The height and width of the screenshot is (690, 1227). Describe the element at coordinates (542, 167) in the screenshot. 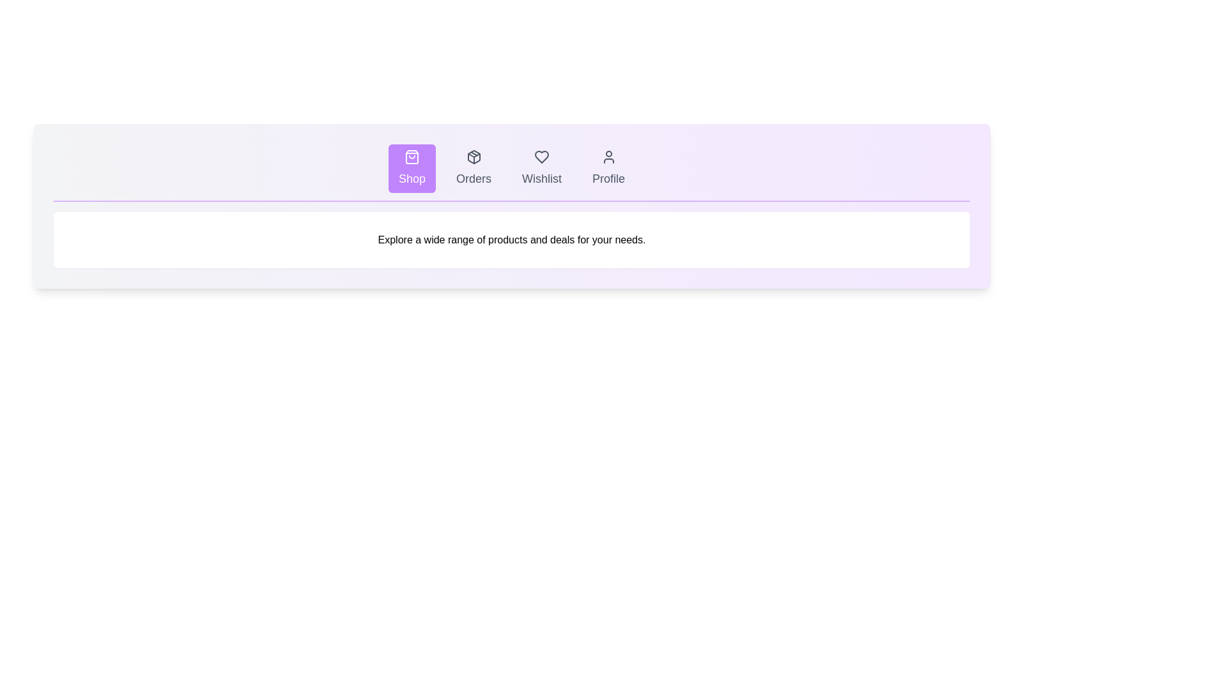

I see `the tab corresponding to Wishlist by clicking on it` at that location.